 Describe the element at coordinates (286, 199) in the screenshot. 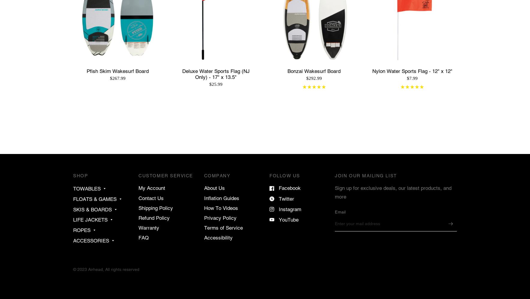

I see `'Twitter'` at that location.